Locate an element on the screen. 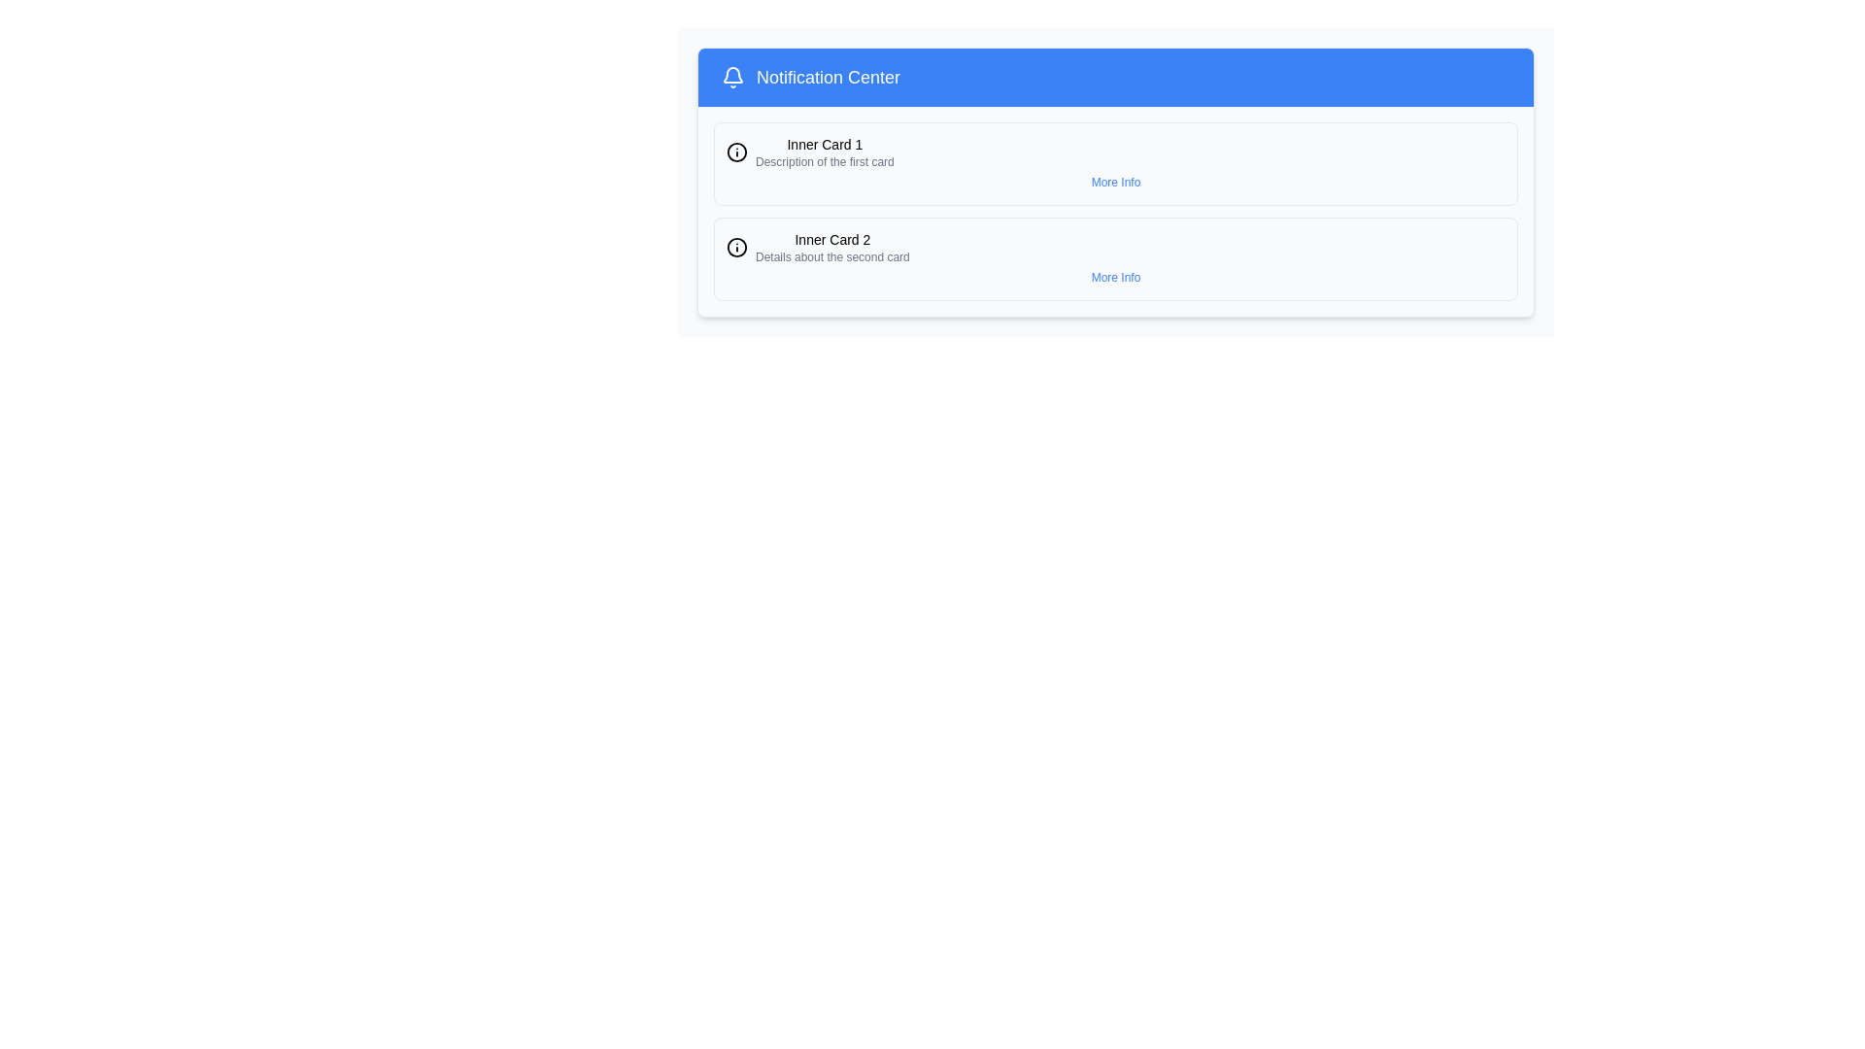 The image size is (1865, 1049). the text label located directly below the title 'Inner Card 1' in the first card of the list is located at coordinates (825, 160).